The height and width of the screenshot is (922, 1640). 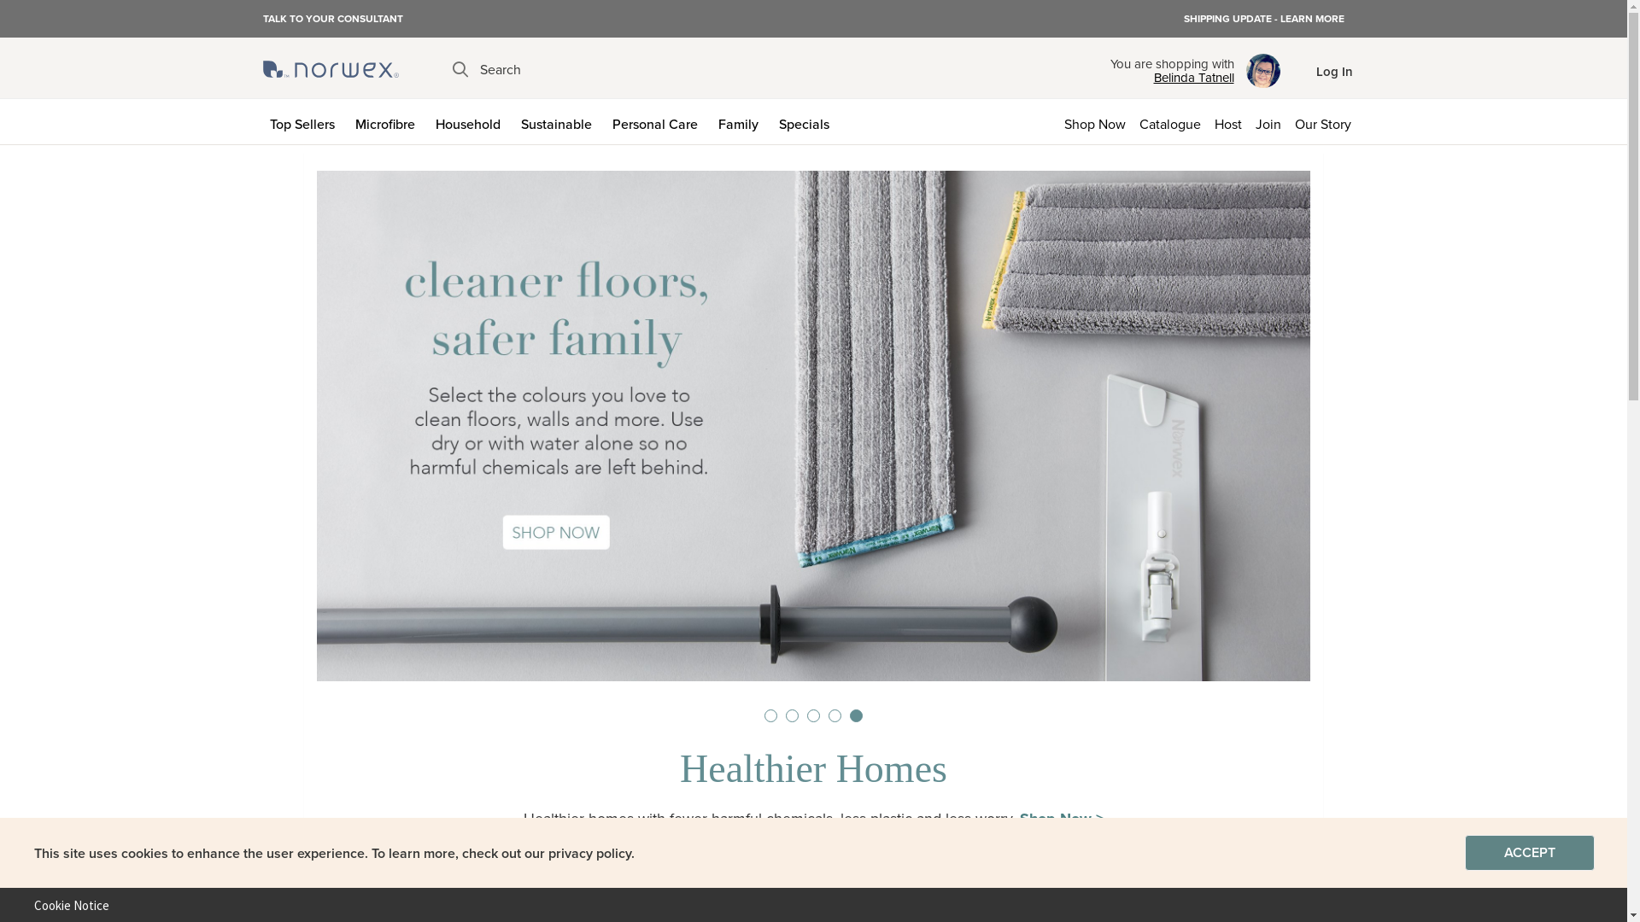 I want to click on 'Sustainable', so click(x=559, y=120).